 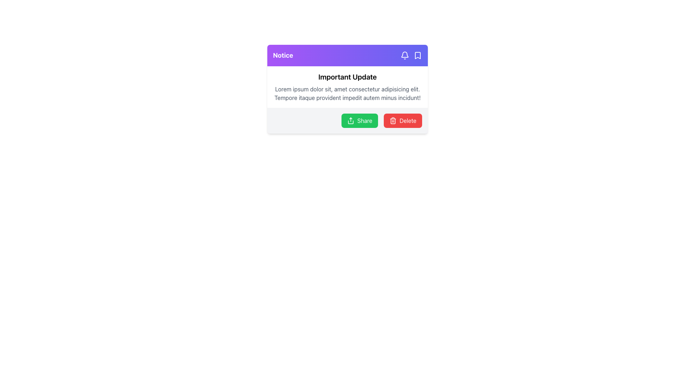 What do you see at coordinates (405, 55) in the screenshot?
I see `the bell-shaped notification icon with a vivid purple background, located in the top right corner of the card titled 'Notice'` at bounding box center [405, 55].